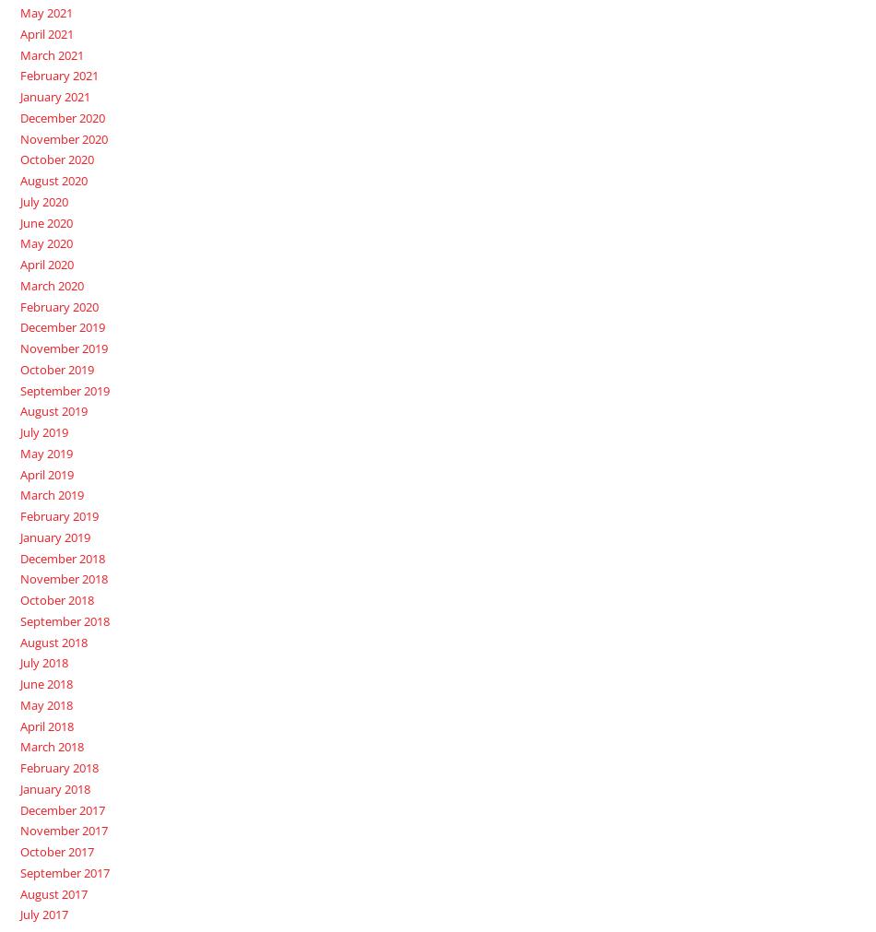 The height and width of the screenshot is (932, 876). I want to click on 'February 2019', so click(58, 515).